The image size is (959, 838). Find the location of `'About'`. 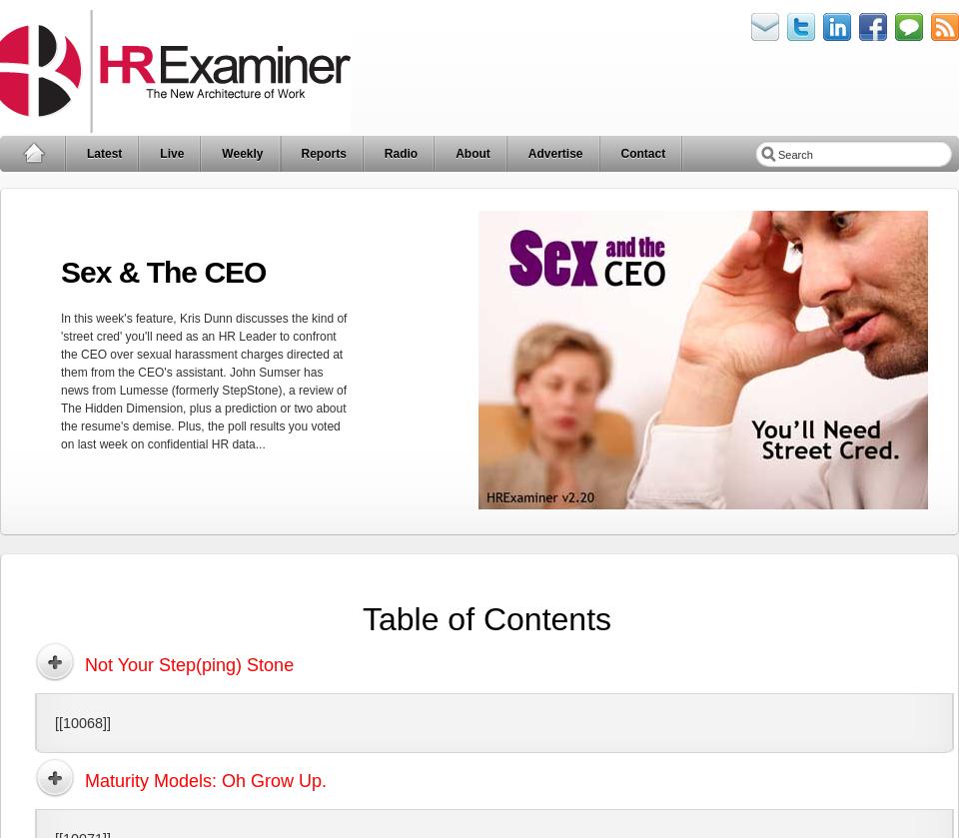

'About' is located at coordinates (472, 154).